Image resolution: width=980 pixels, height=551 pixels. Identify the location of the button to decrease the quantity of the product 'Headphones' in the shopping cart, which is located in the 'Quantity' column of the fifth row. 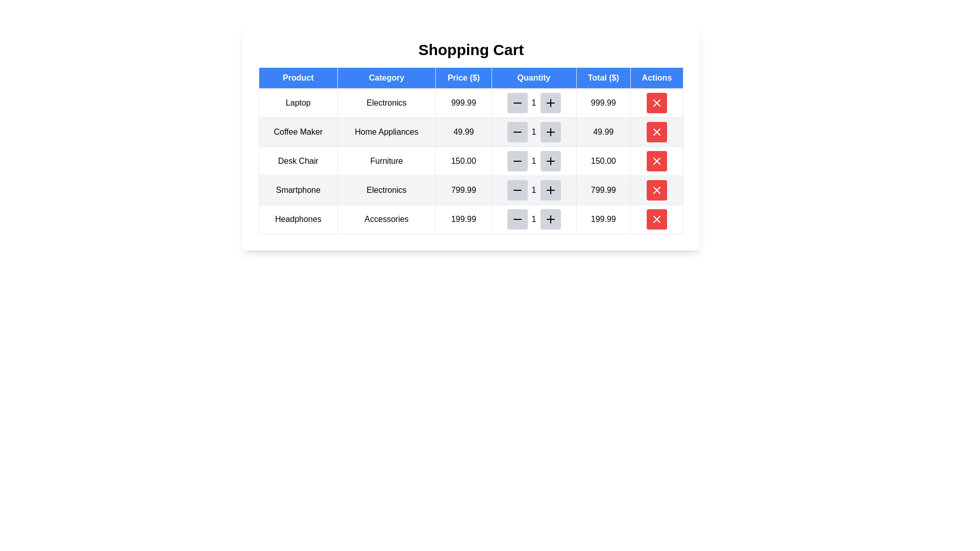
(517, 218).